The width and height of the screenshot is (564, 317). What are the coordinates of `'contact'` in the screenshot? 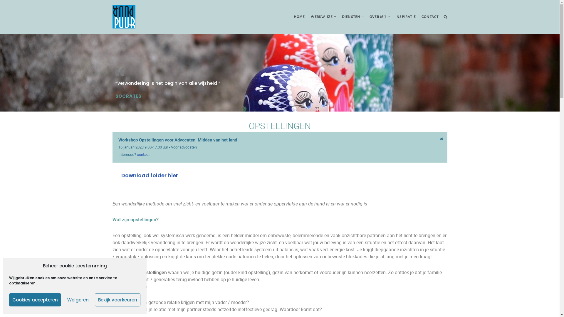 It's located at (143, 154).